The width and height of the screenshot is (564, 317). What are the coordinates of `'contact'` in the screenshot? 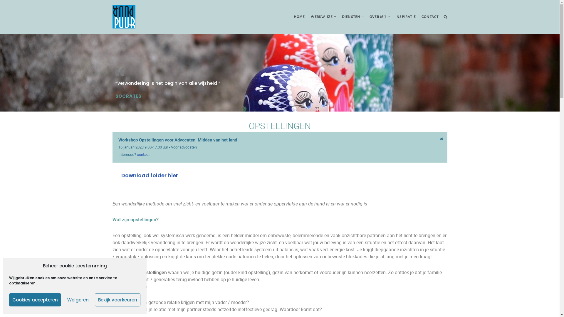 It's located at (143, 154).